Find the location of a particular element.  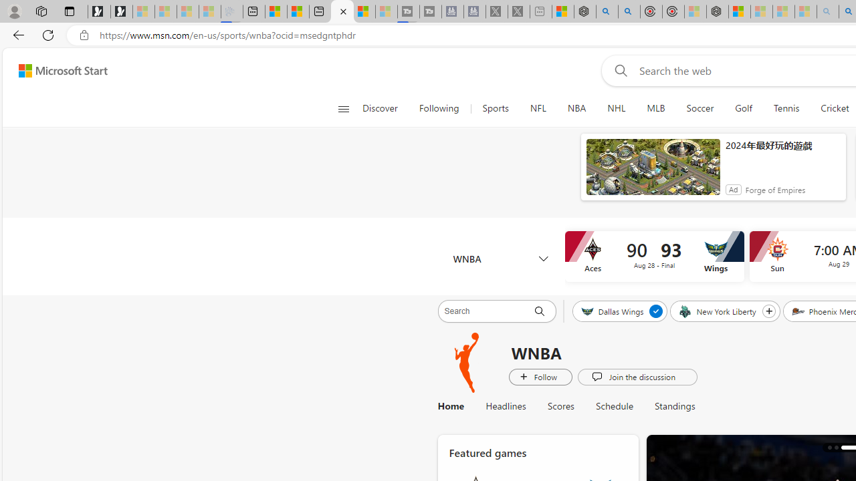

'MLB' is located at coordinates (655, 108).